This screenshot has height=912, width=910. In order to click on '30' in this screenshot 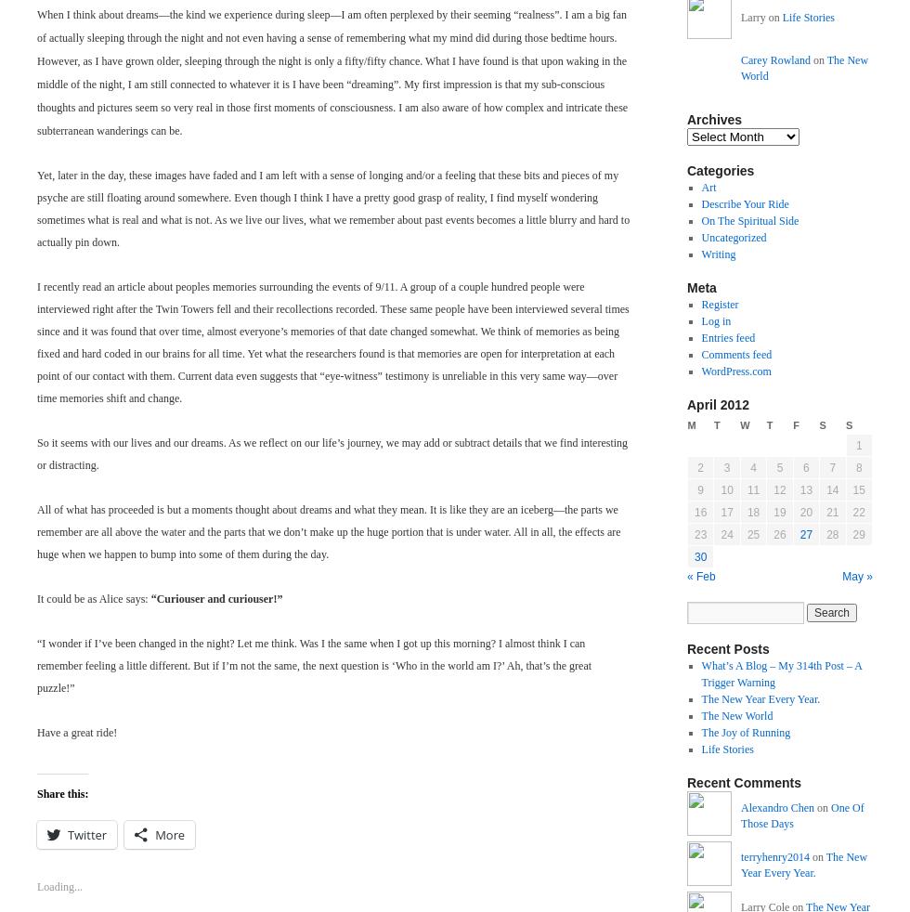, I will do `click(700, 555)`.